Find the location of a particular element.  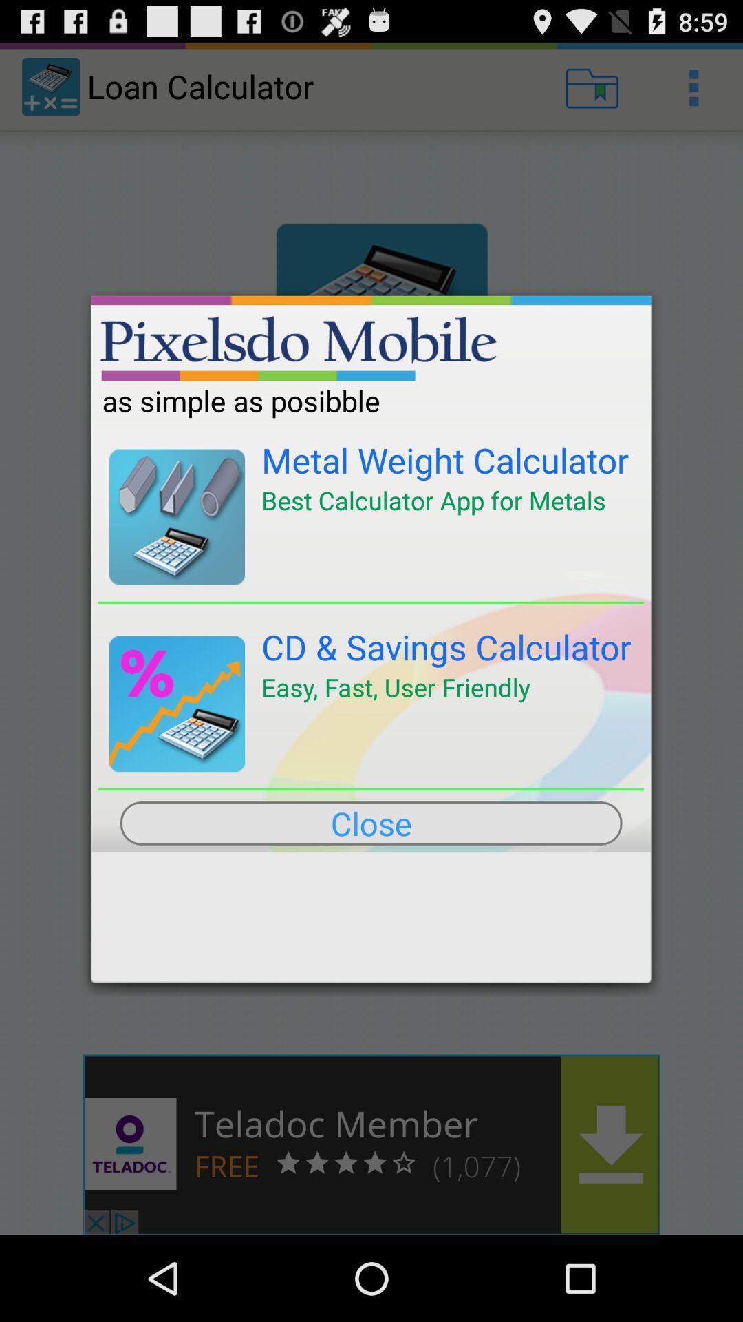

item above close icon is located at coordinates (370, 789).